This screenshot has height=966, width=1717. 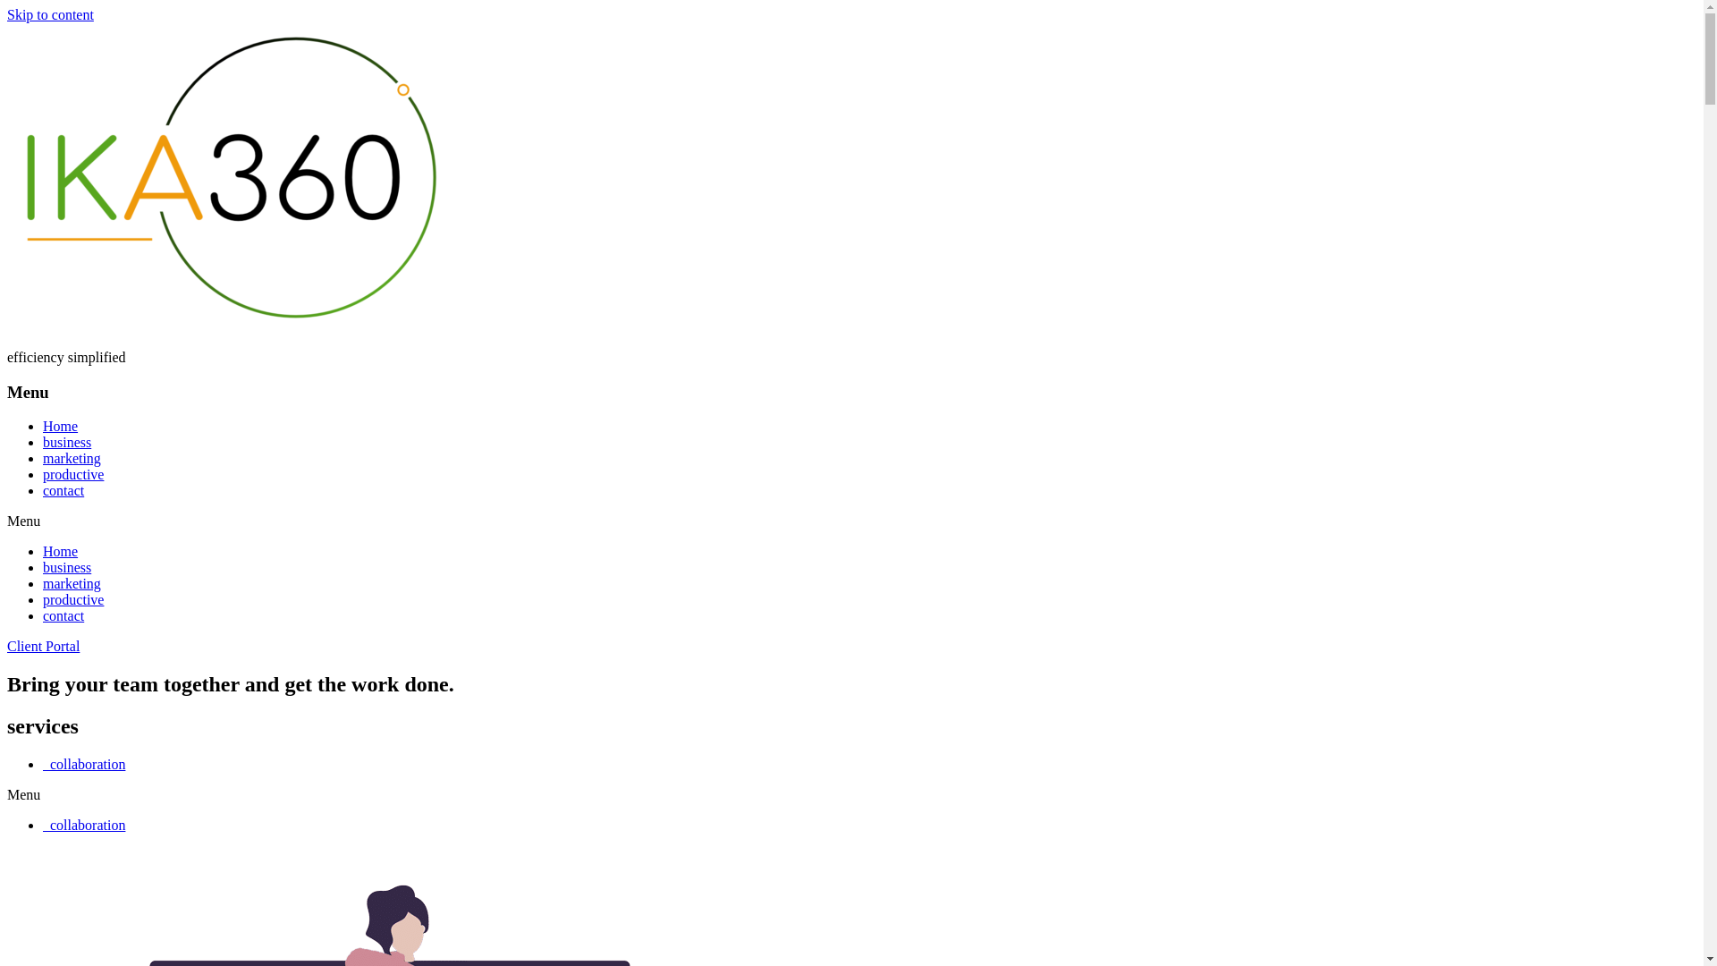 What do you see at coordinates (60, 426) in the screenshot?
I see `'Home'` at bounding box center [60, 426].